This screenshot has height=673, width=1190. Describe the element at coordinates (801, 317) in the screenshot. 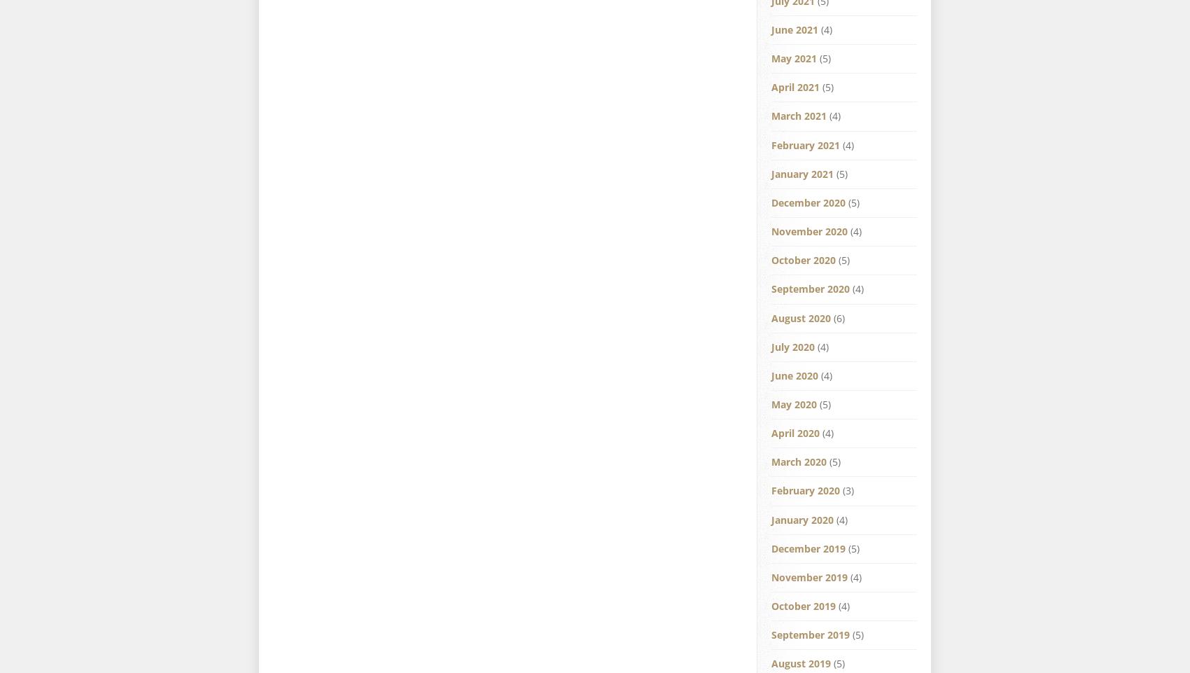

I see `'August 2020'` at that location.